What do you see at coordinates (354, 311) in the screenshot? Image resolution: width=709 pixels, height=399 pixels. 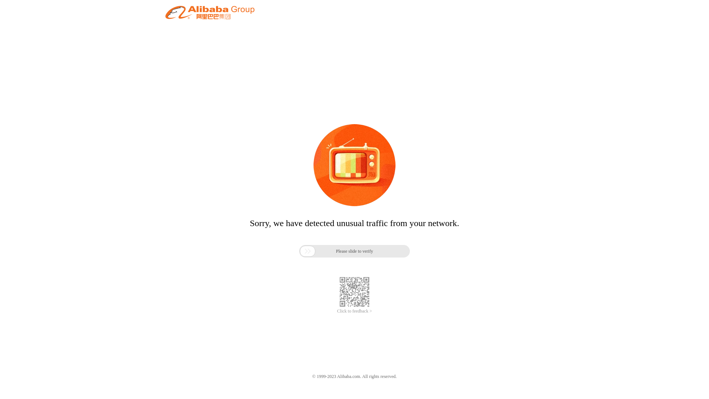 I see `'Click to feedback >'` at bounding box center [354, 311].